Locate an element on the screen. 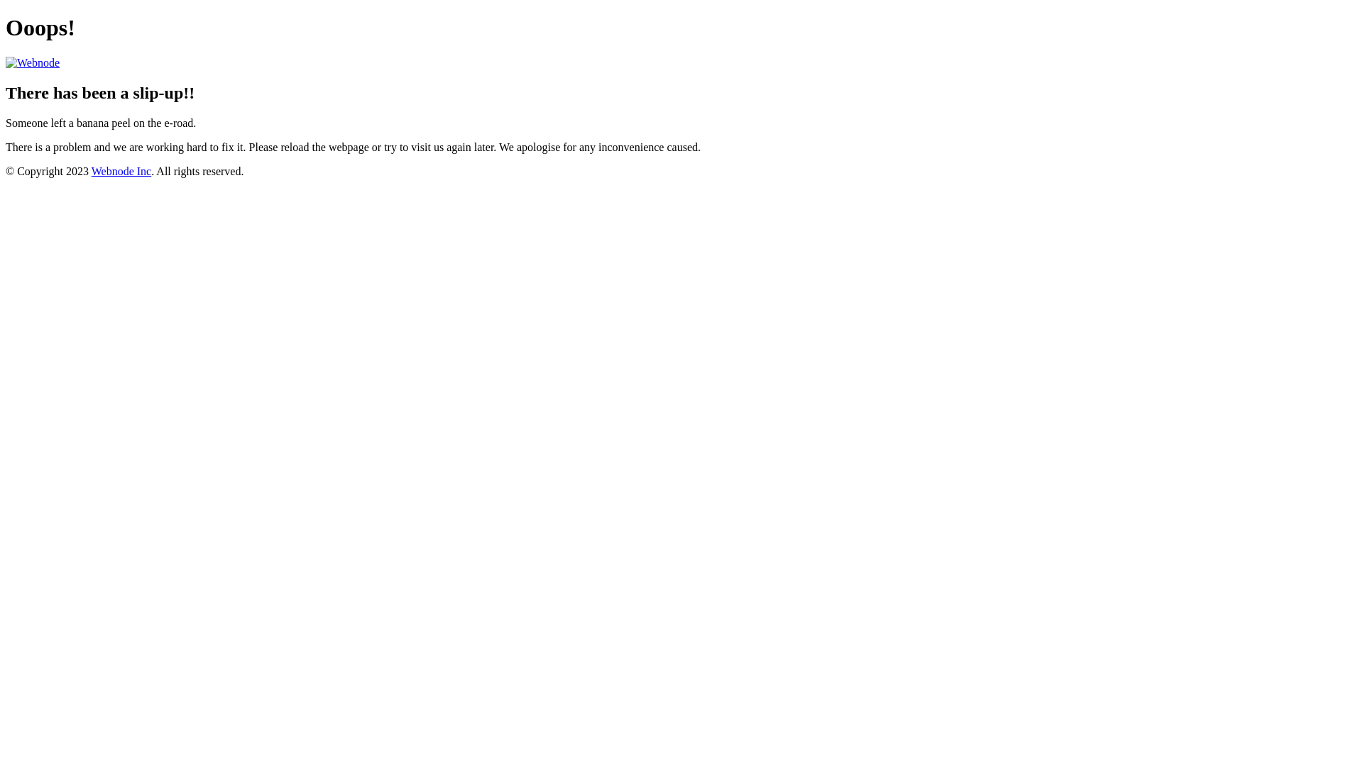  'Webnode Inc' is located at coordinates (121, 170).